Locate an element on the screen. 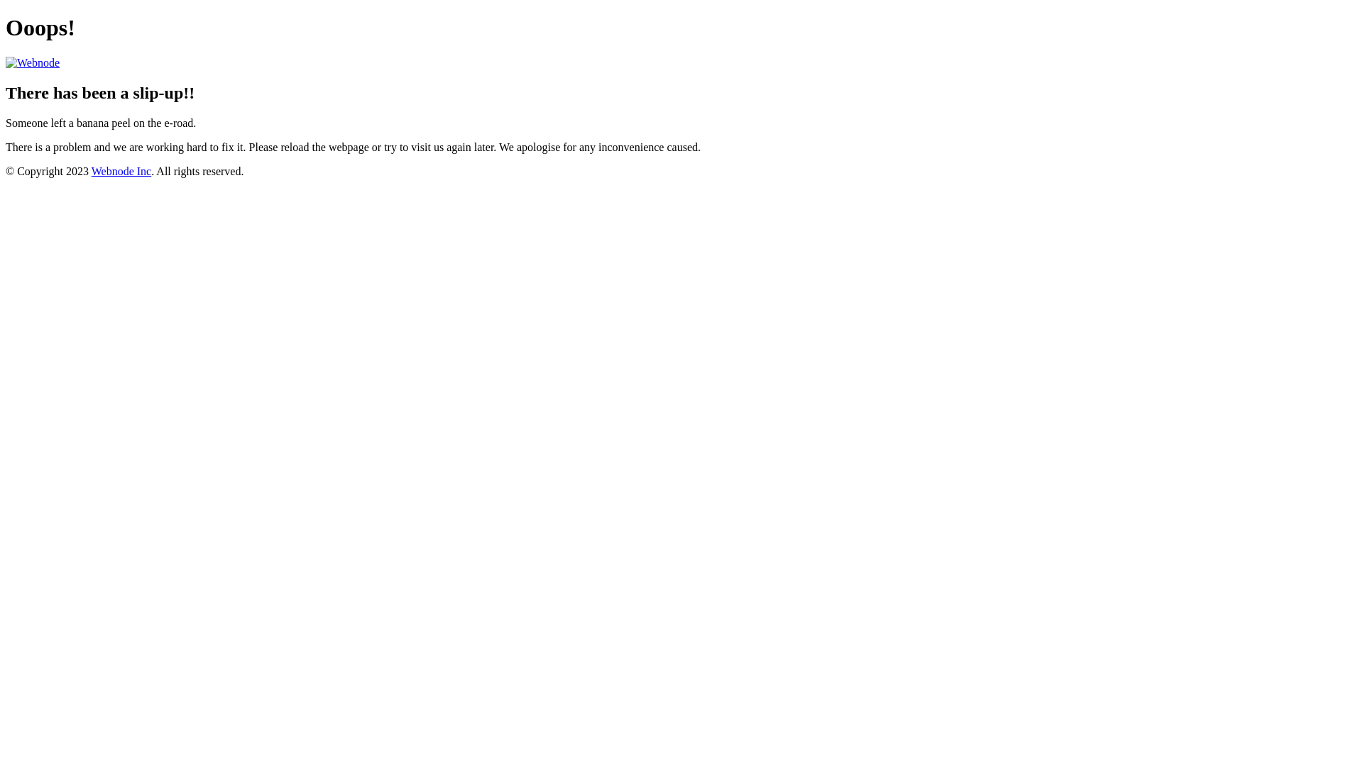  'Webnode Inc' is located at coordinates (121, 170).